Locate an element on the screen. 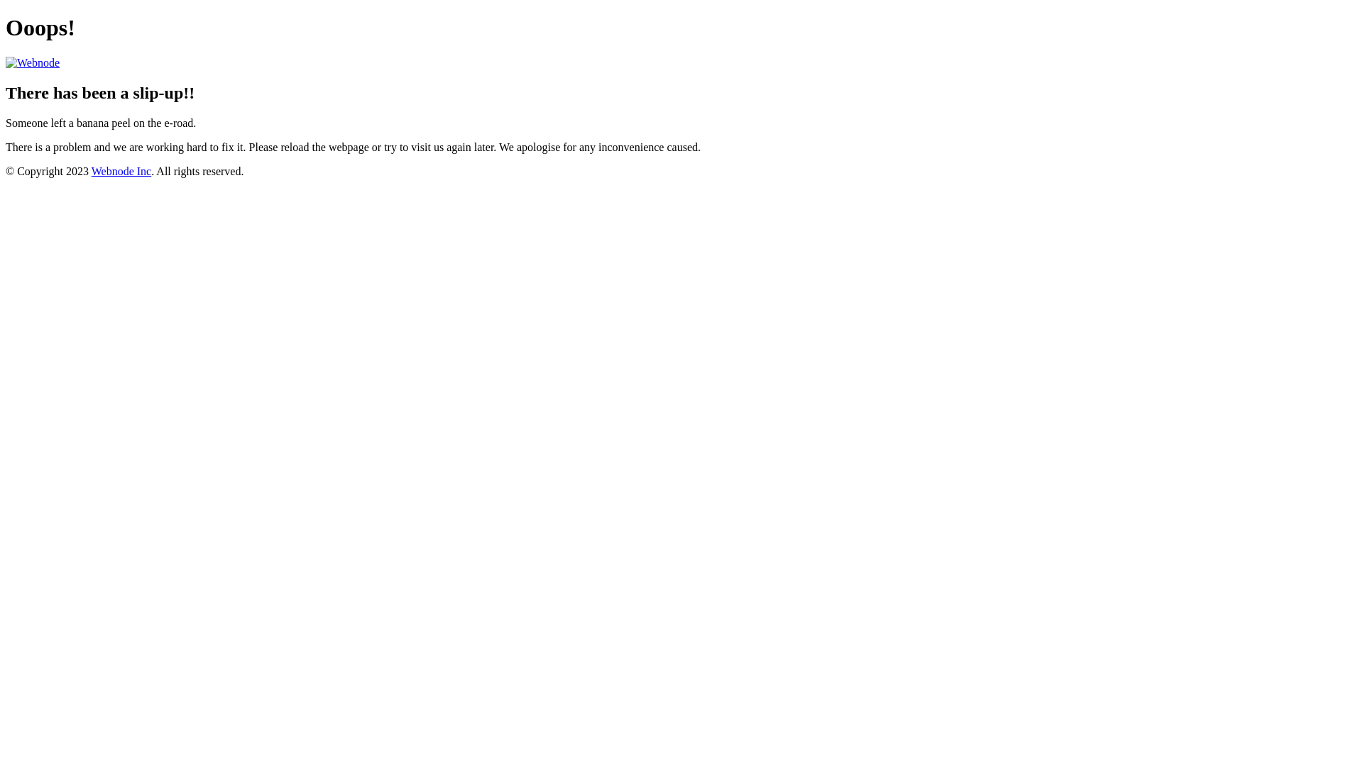  'Webnode Inc' is located at coordinates (121, 170).